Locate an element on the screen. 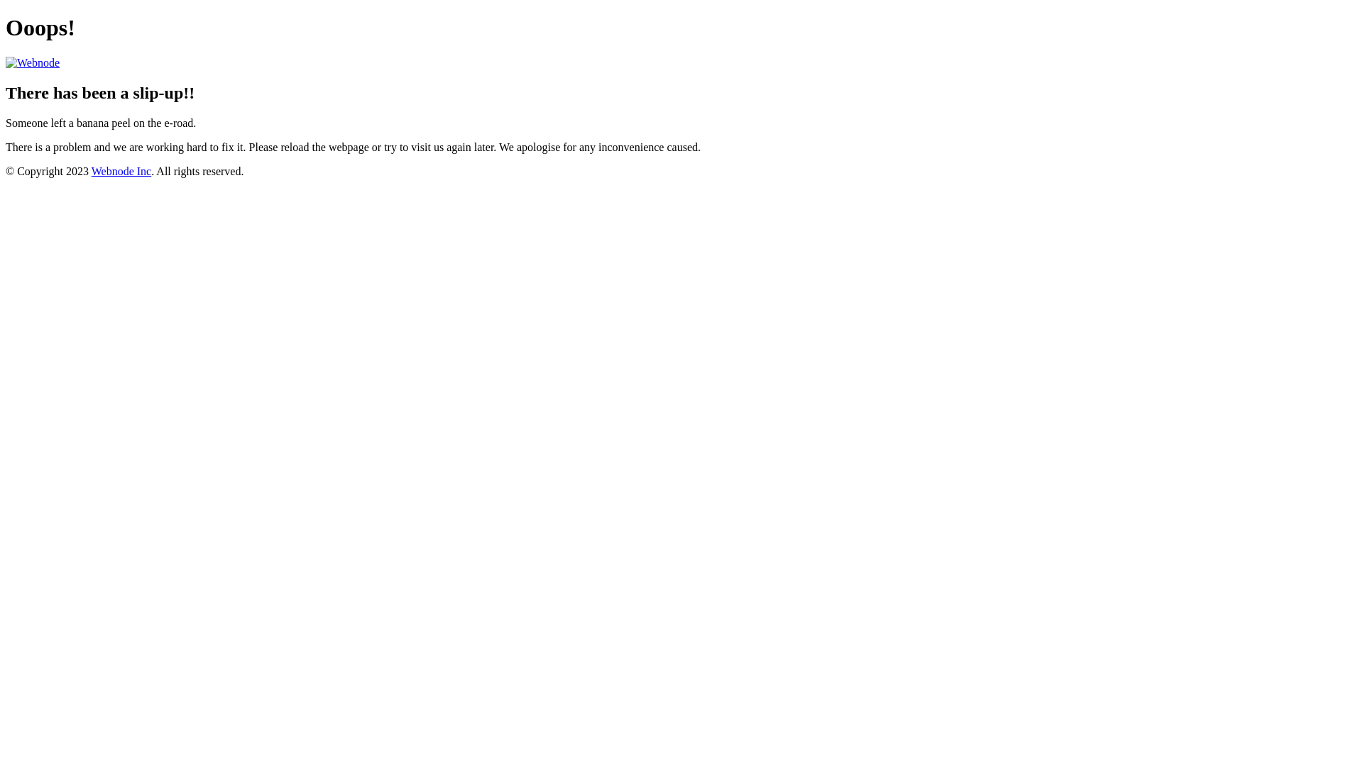  'Webnode Inc' is located at coordinates (121, 170).